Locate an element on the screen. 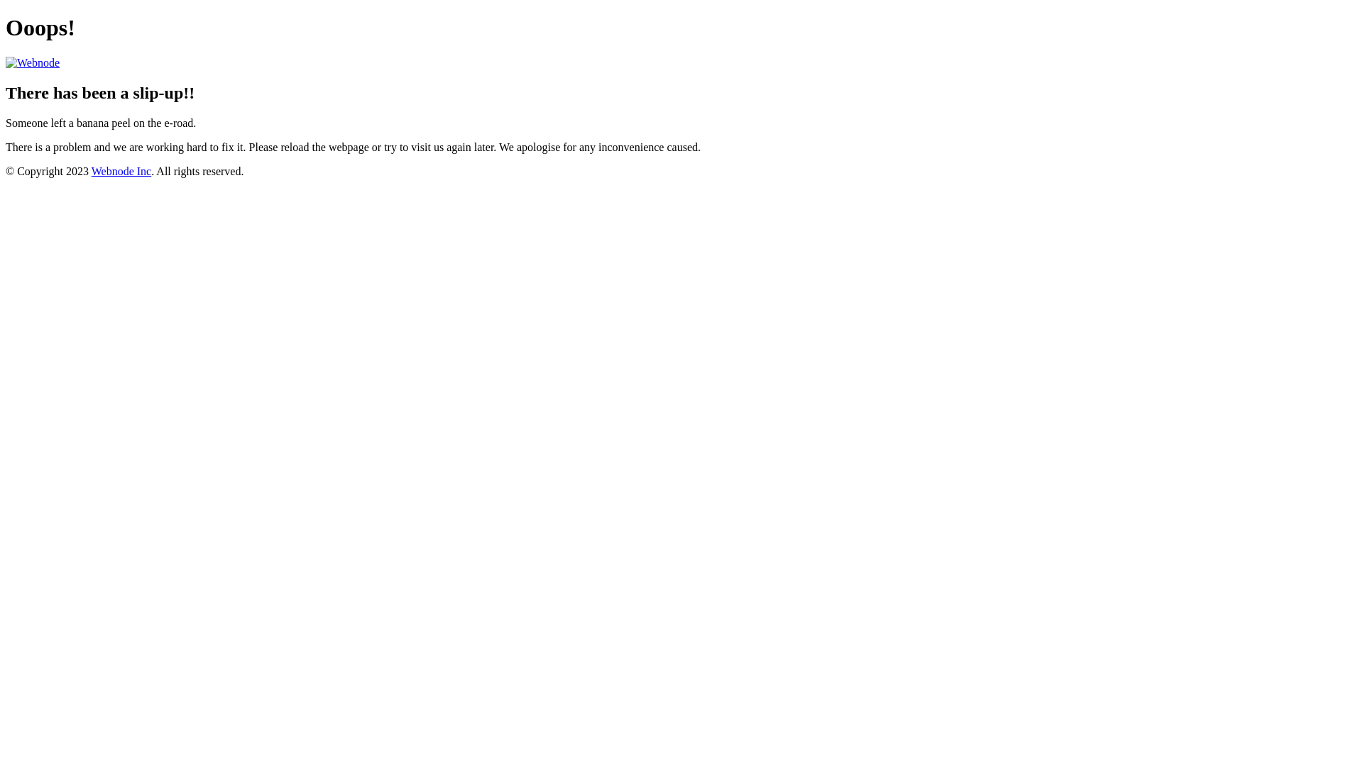  'Webnode Inc' is located at coordinates (121, 170).